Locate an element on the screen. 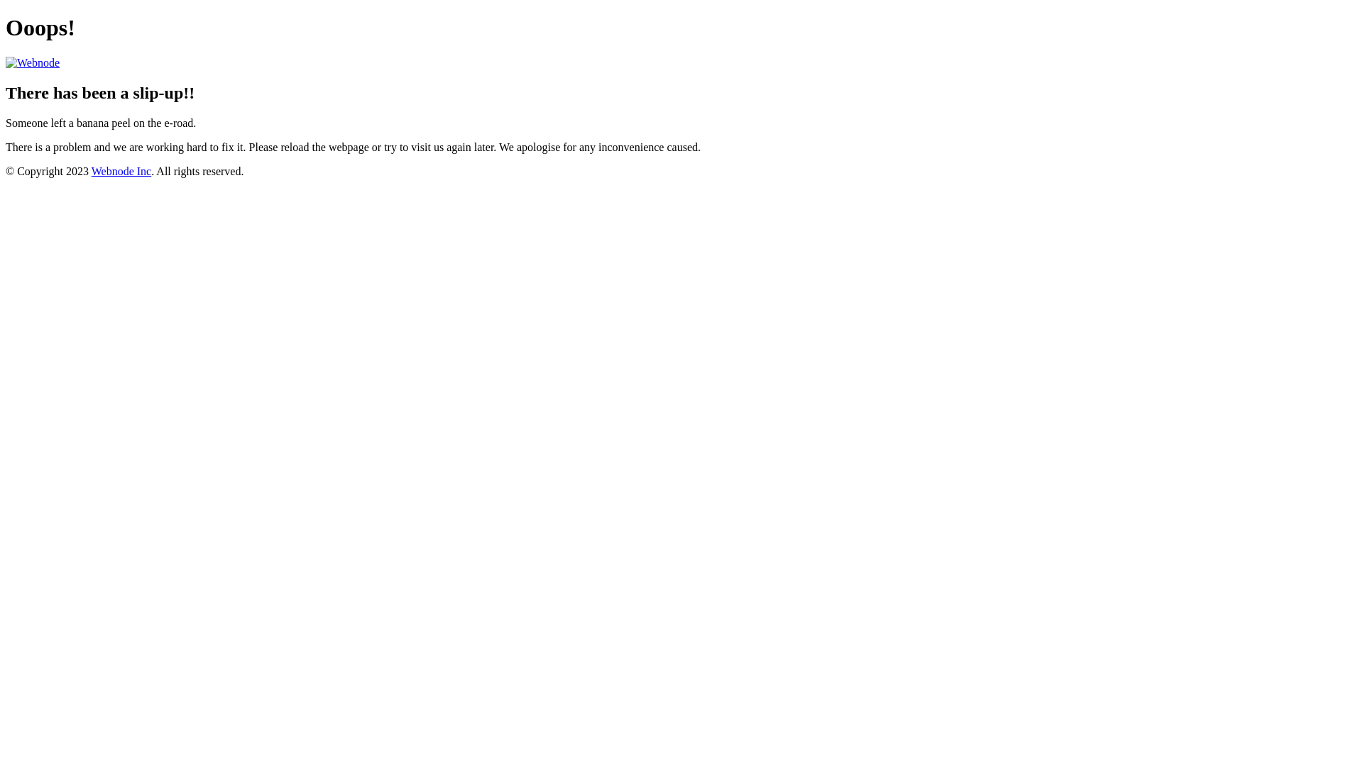  'Webnode Inc' is located at coordinates (121, 170).